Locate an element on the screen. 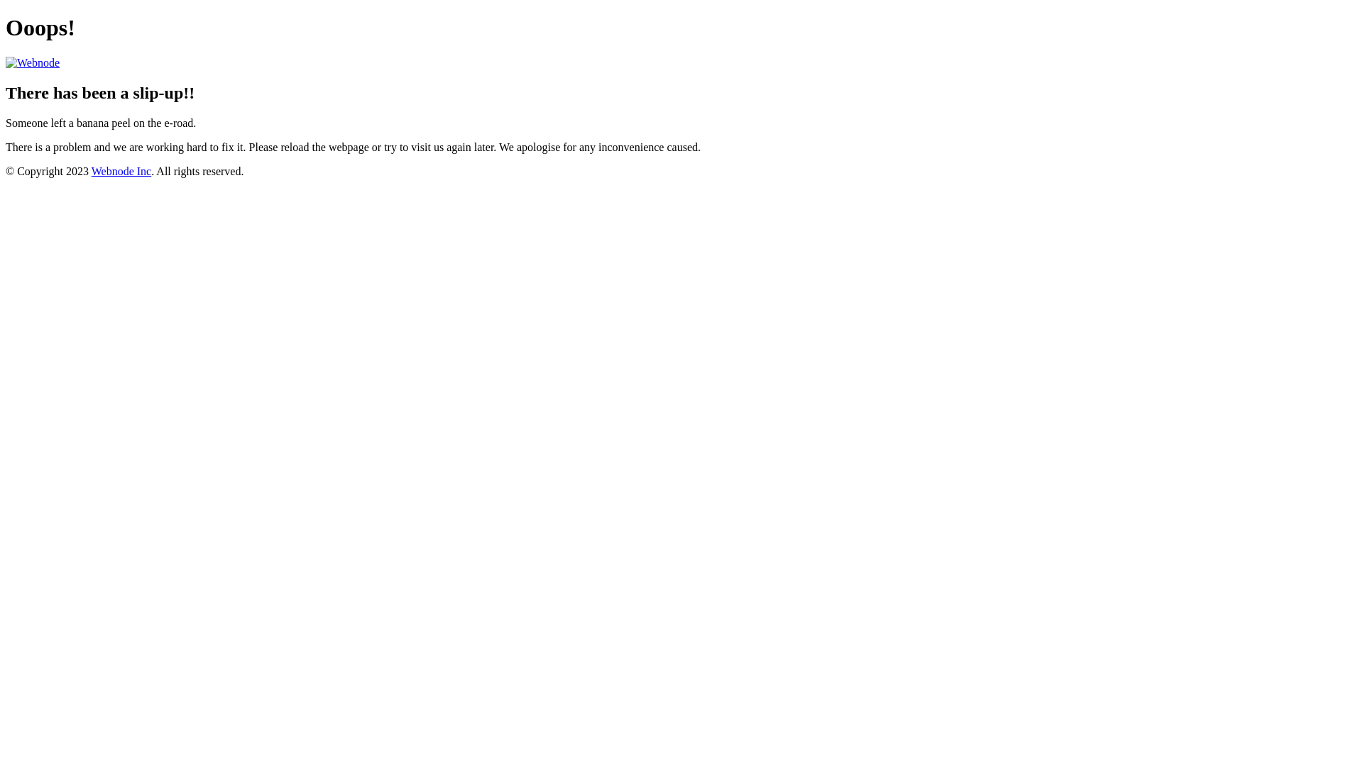  'Webnode Inc' is located at coordinates (121, 170).